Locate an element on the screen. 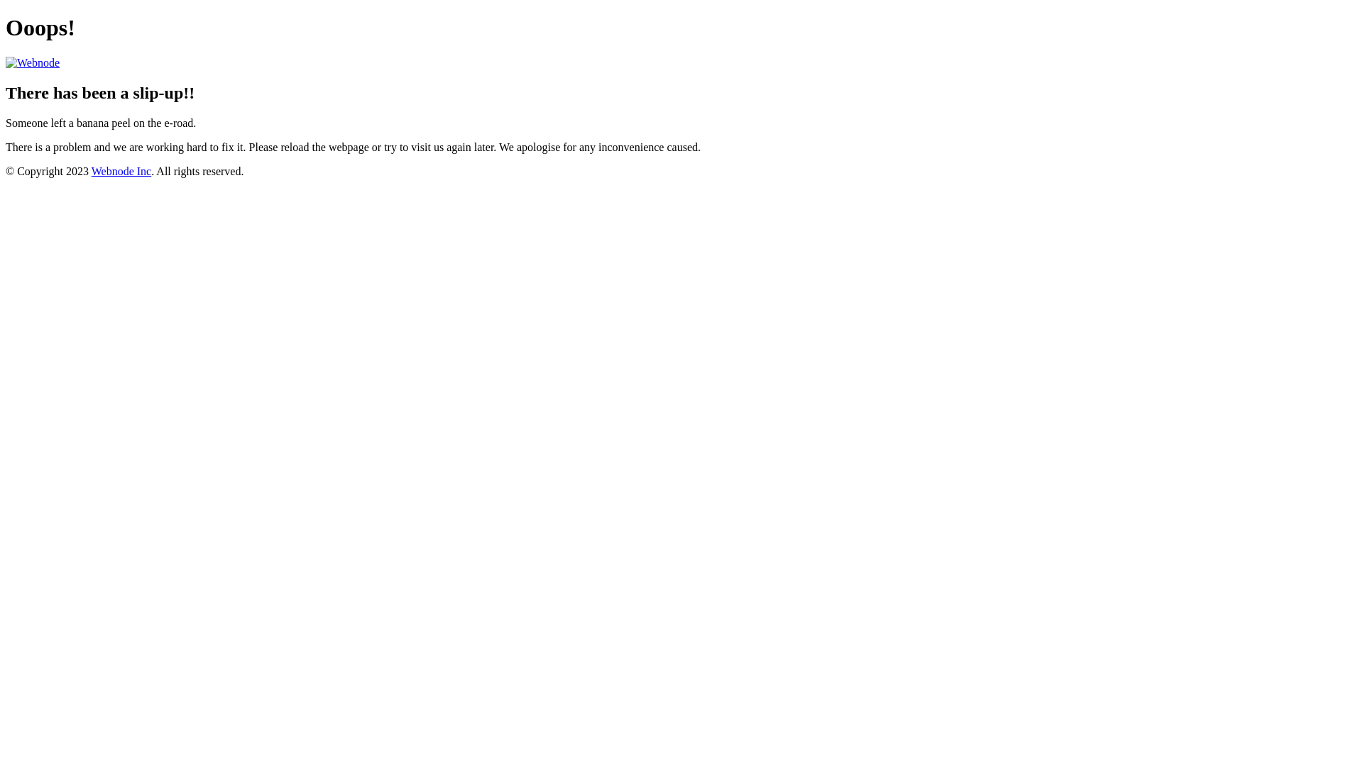  'Webnode Inc' is located at coordinates (121, 170).